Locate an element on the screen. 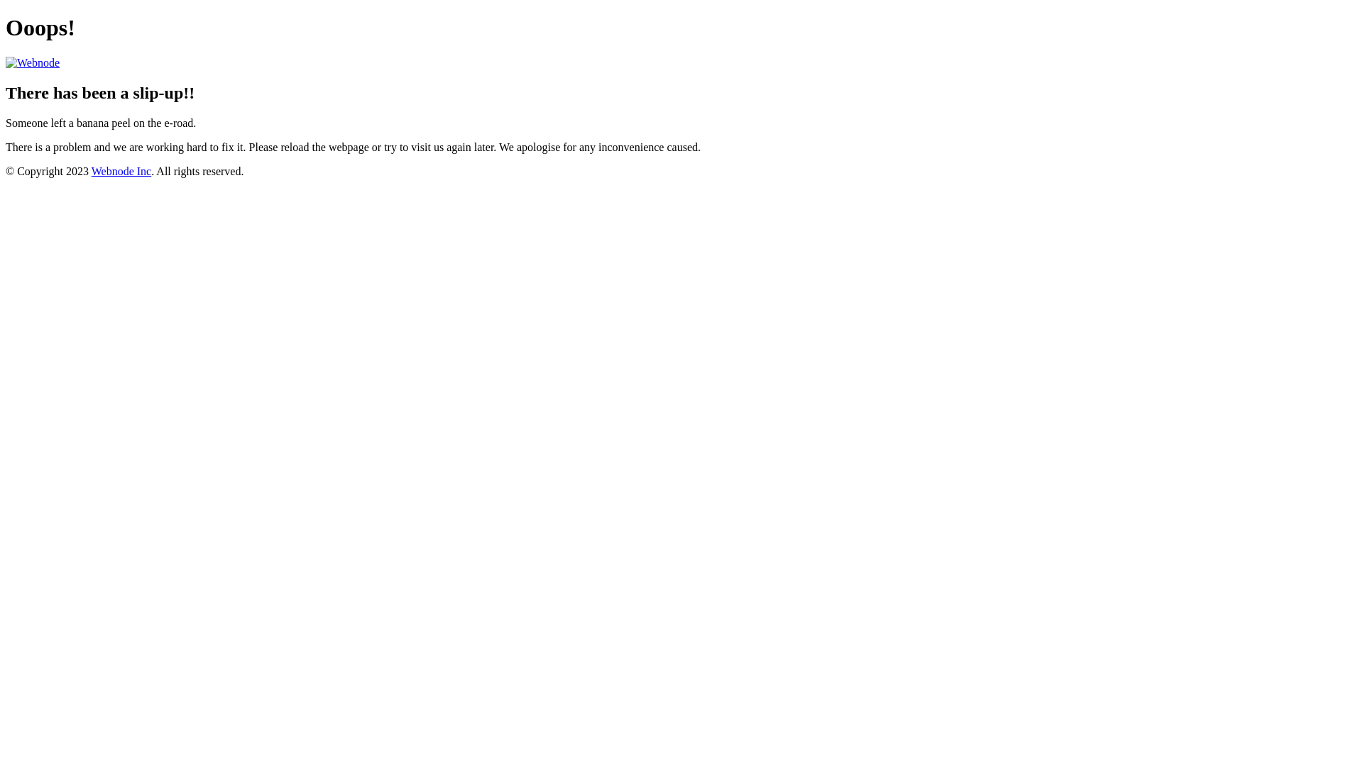  'Webnode Inc' is located at coordinates (121, 170).